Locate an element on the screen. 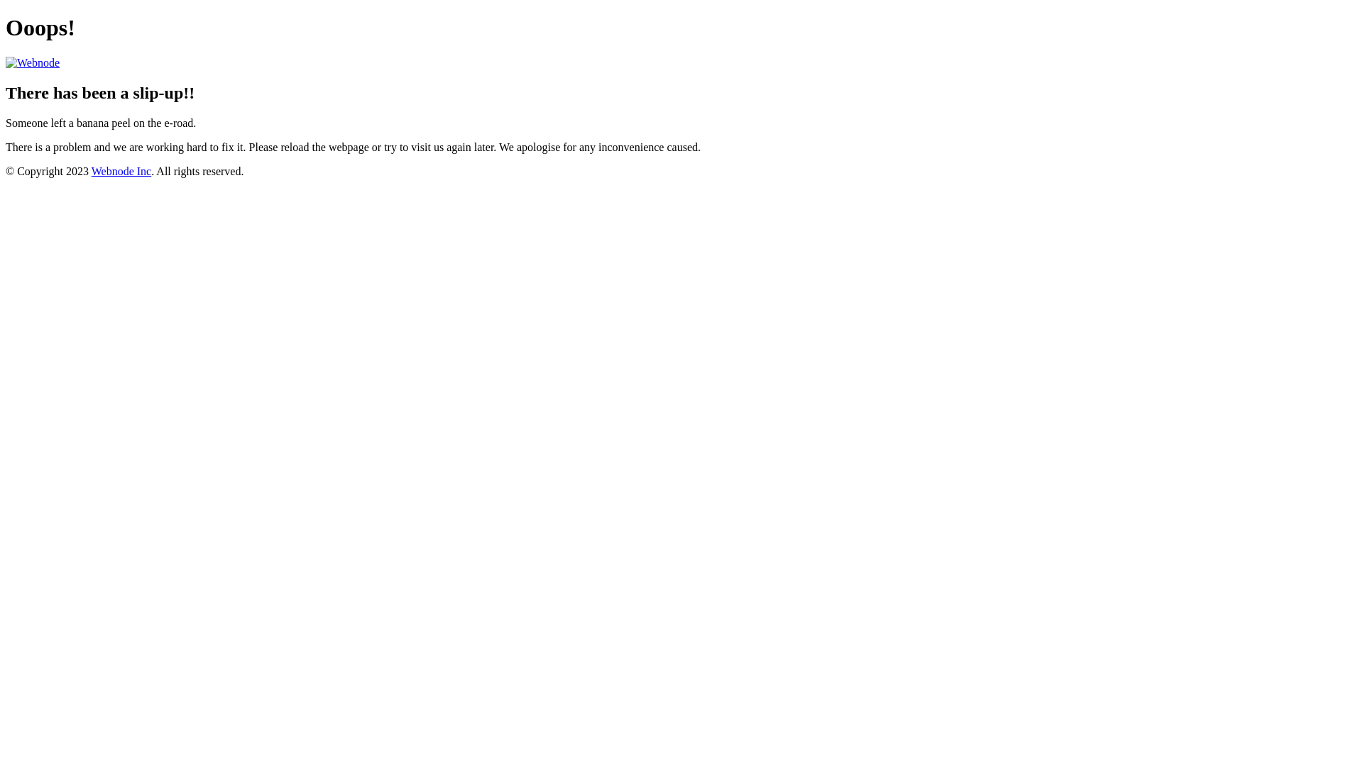  'Webnode Inc' is located at coordinates (121, 170).